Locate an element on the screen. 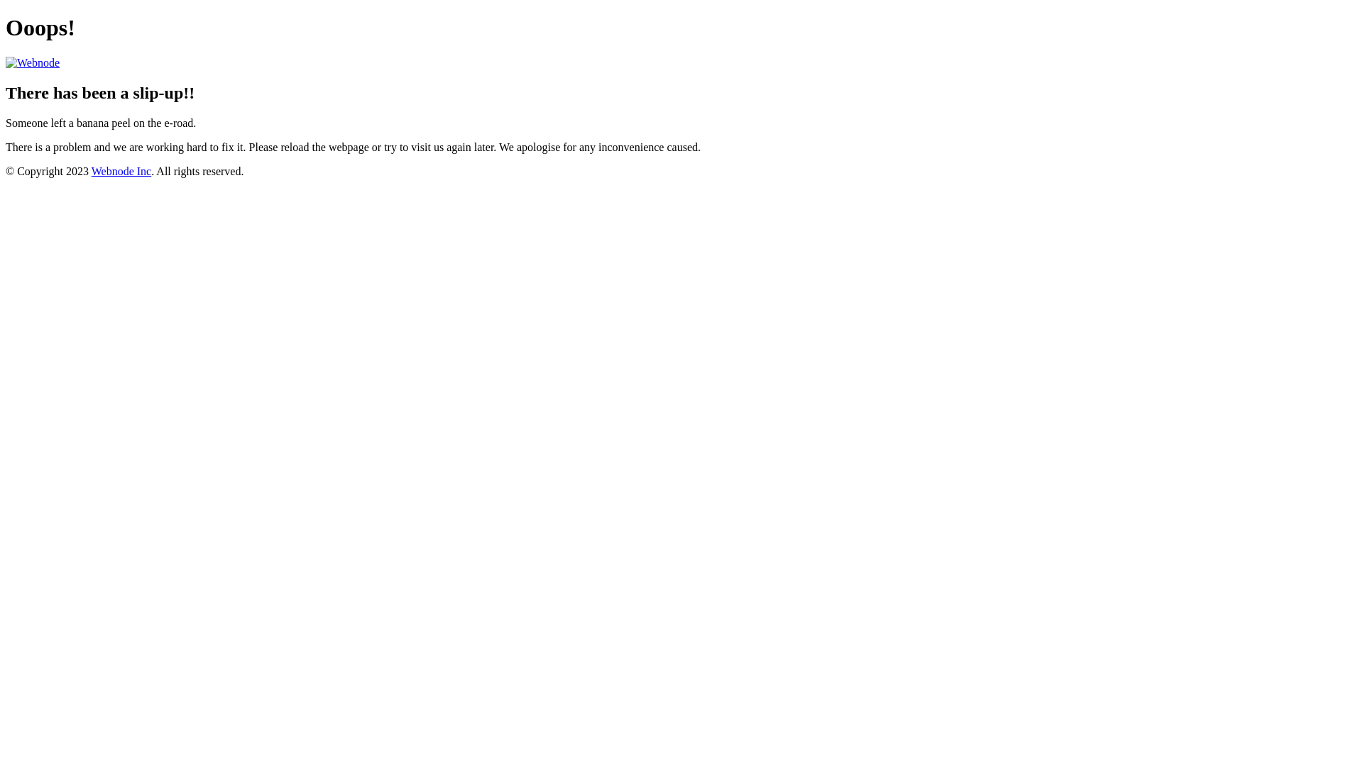  'Webnode Inc' is located at coordinates (121, 170).